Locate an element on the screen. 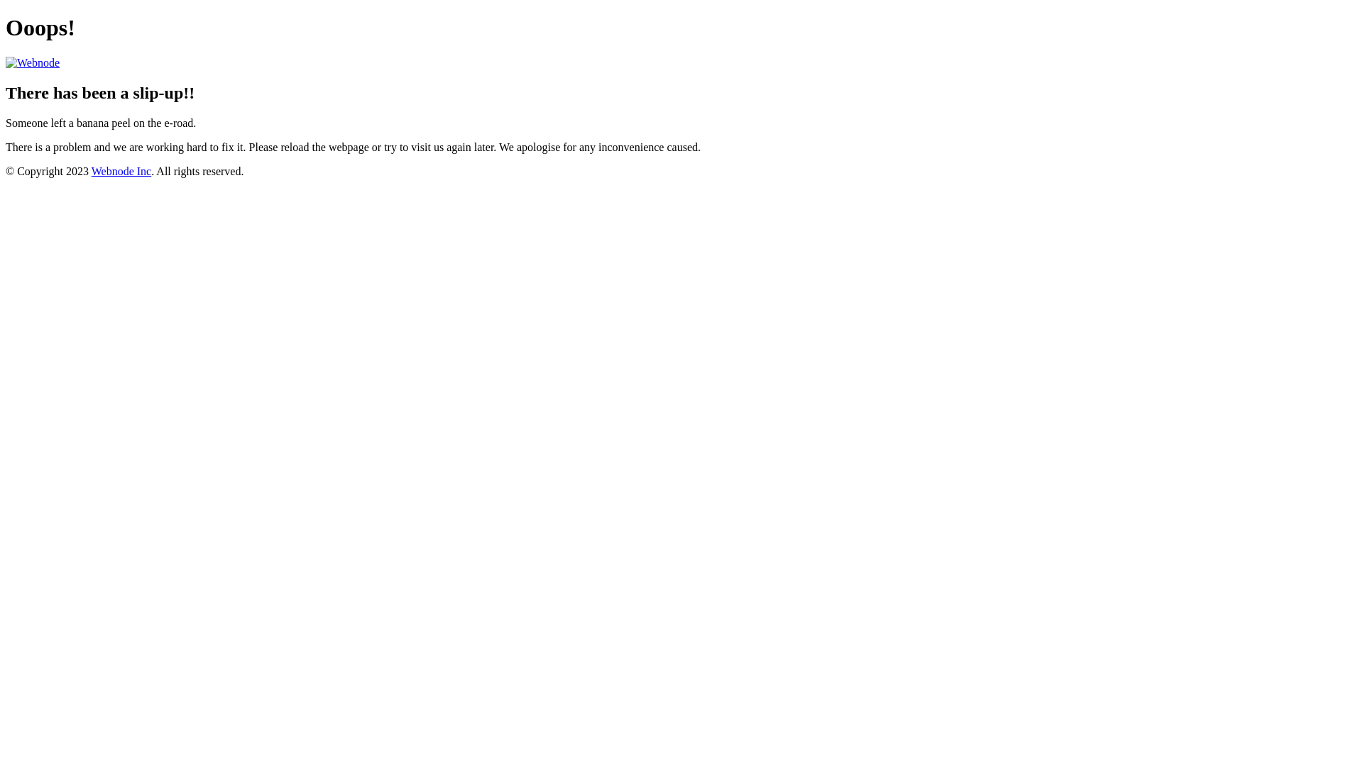  'Webnode Inc' is located at coordinates (121, 170).